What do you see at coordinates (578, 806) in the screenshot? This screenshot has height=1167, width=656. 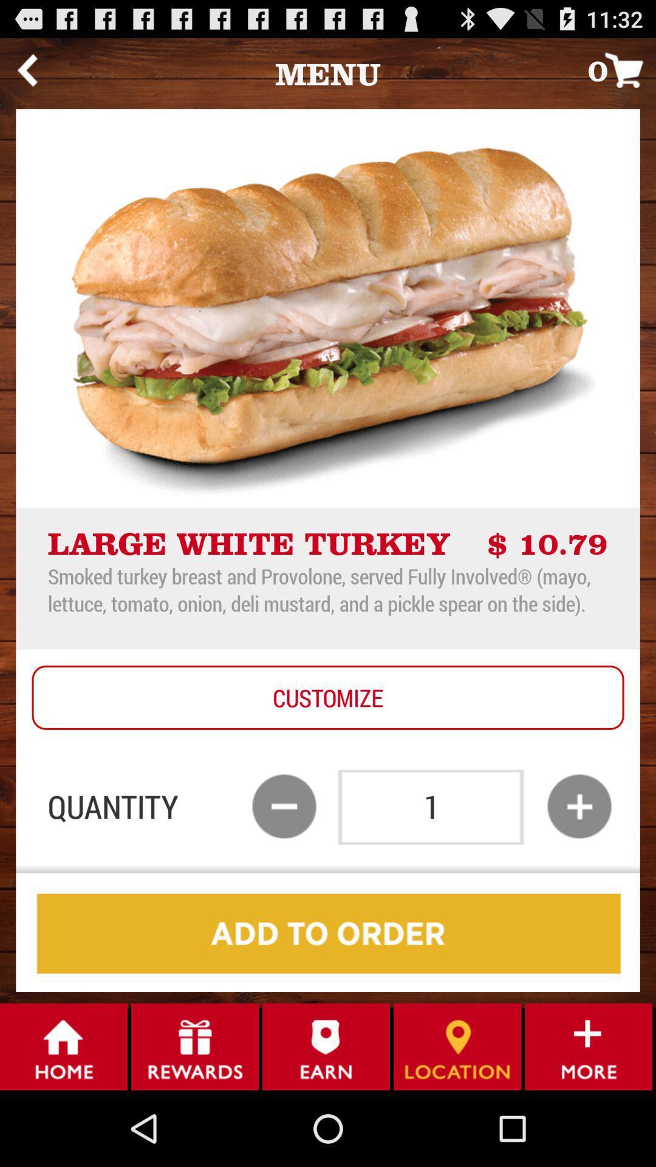 I see `the icon below the customize` at bounding box center [578, 806].